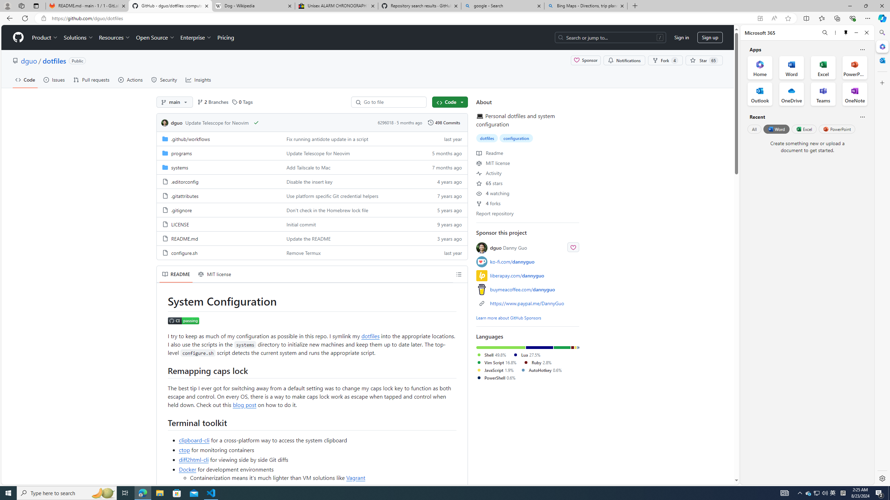  I want to click on 'Actions', so click(130, 80).